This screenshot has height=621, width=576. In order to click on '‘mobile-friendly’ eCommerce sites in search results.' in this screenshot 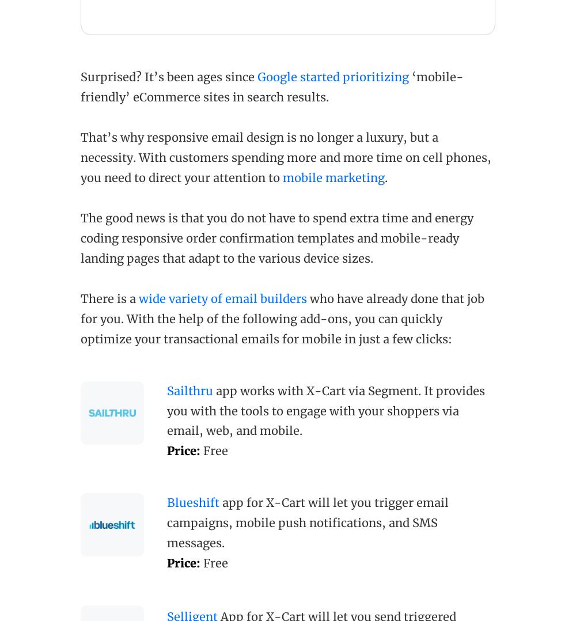, I will do `click(271, 86)`.